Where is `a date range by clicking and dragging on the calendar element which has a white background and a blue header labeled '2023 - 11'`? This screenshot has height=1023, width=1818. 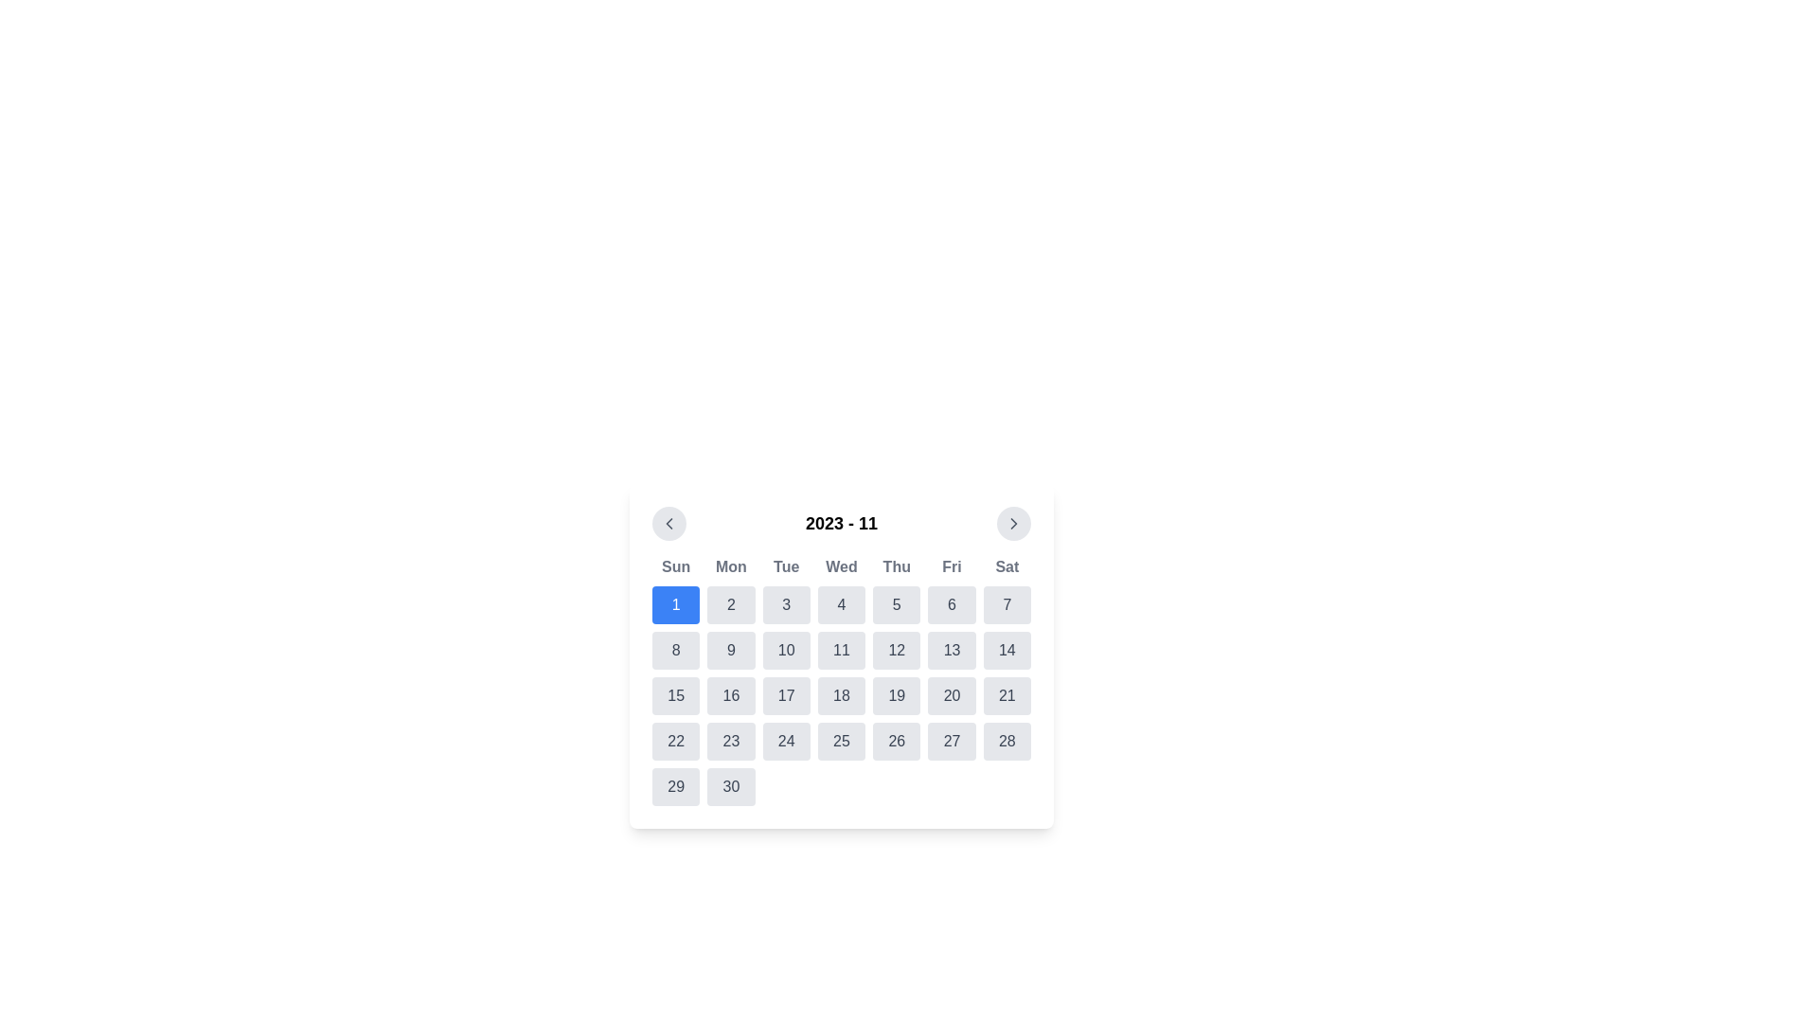
a date range by clicking and dragging on the calendar element which has a white background and a blue header labeled '2023 - 11' is located at coordinates (840, 655).